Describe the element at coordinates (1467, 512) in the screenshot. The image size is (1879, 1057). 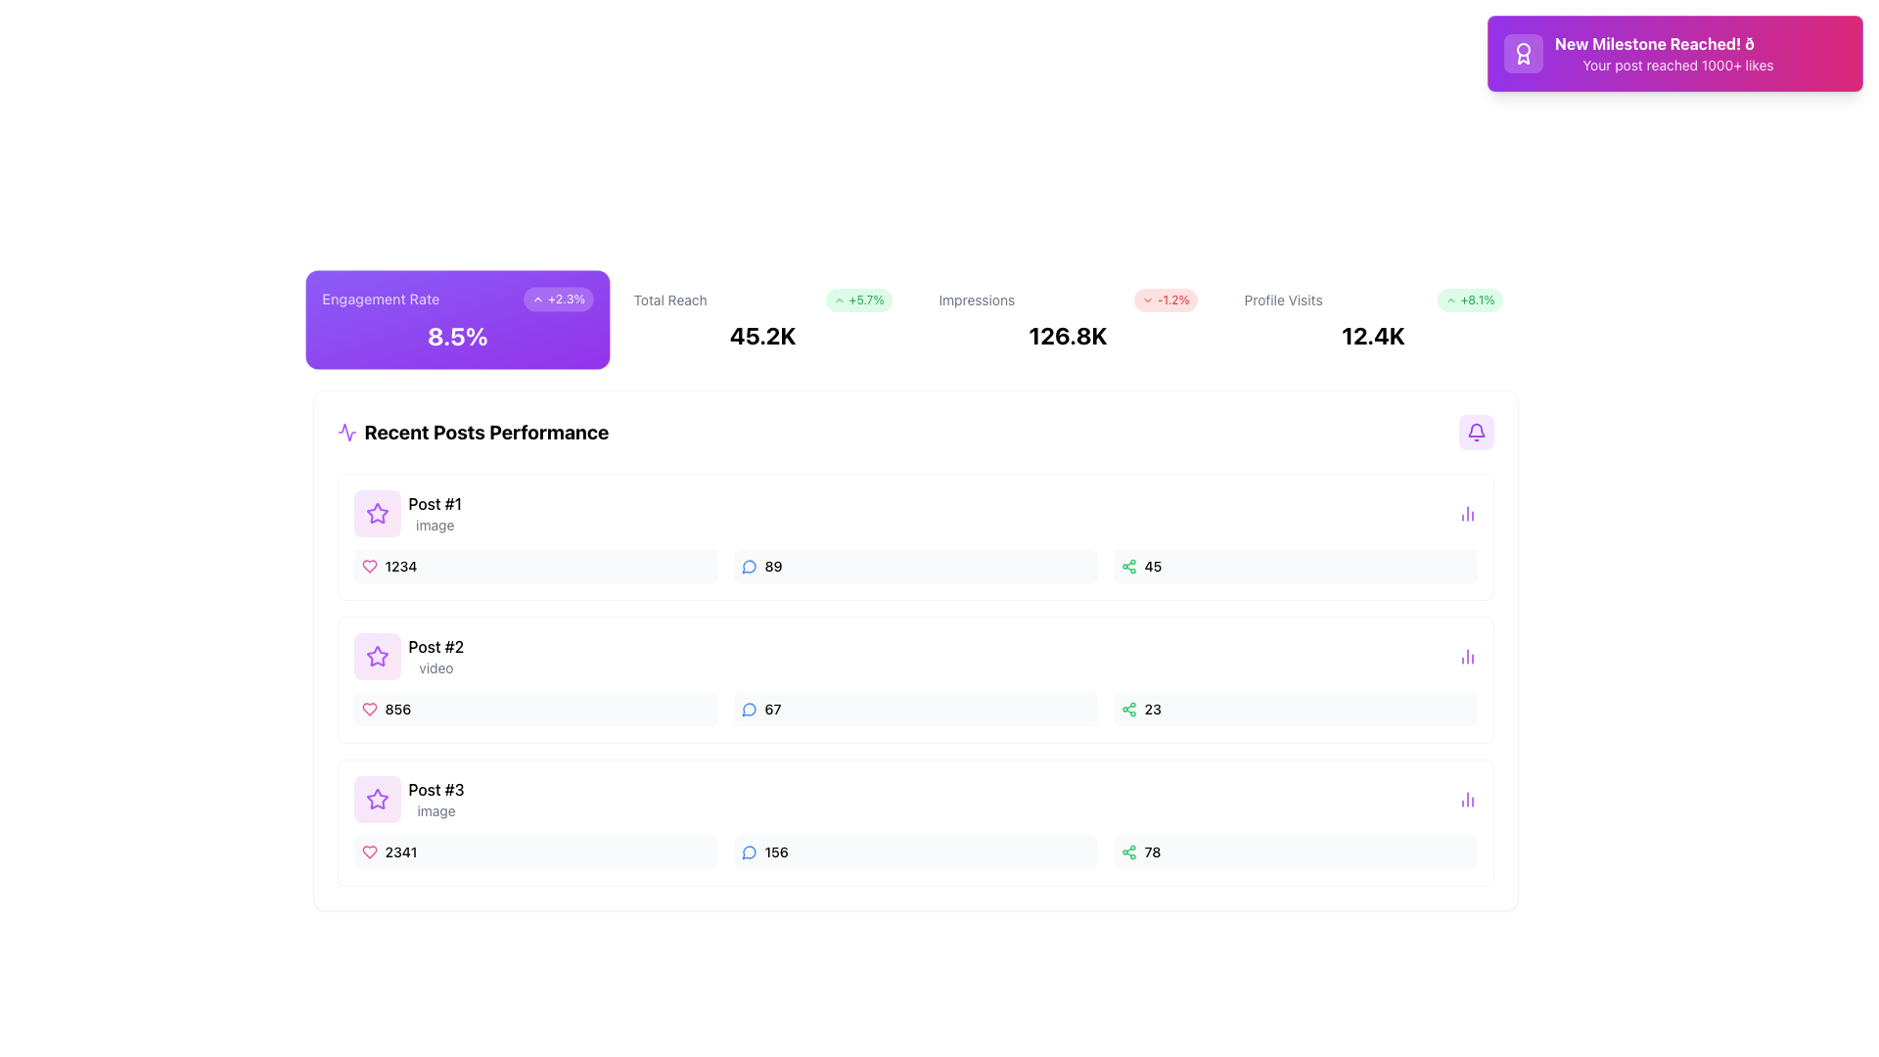
I see `the interactive icon styled as a vertical bar chart with three bars, located at the far right of the row titled 'Post #1', to change its color` at that location.